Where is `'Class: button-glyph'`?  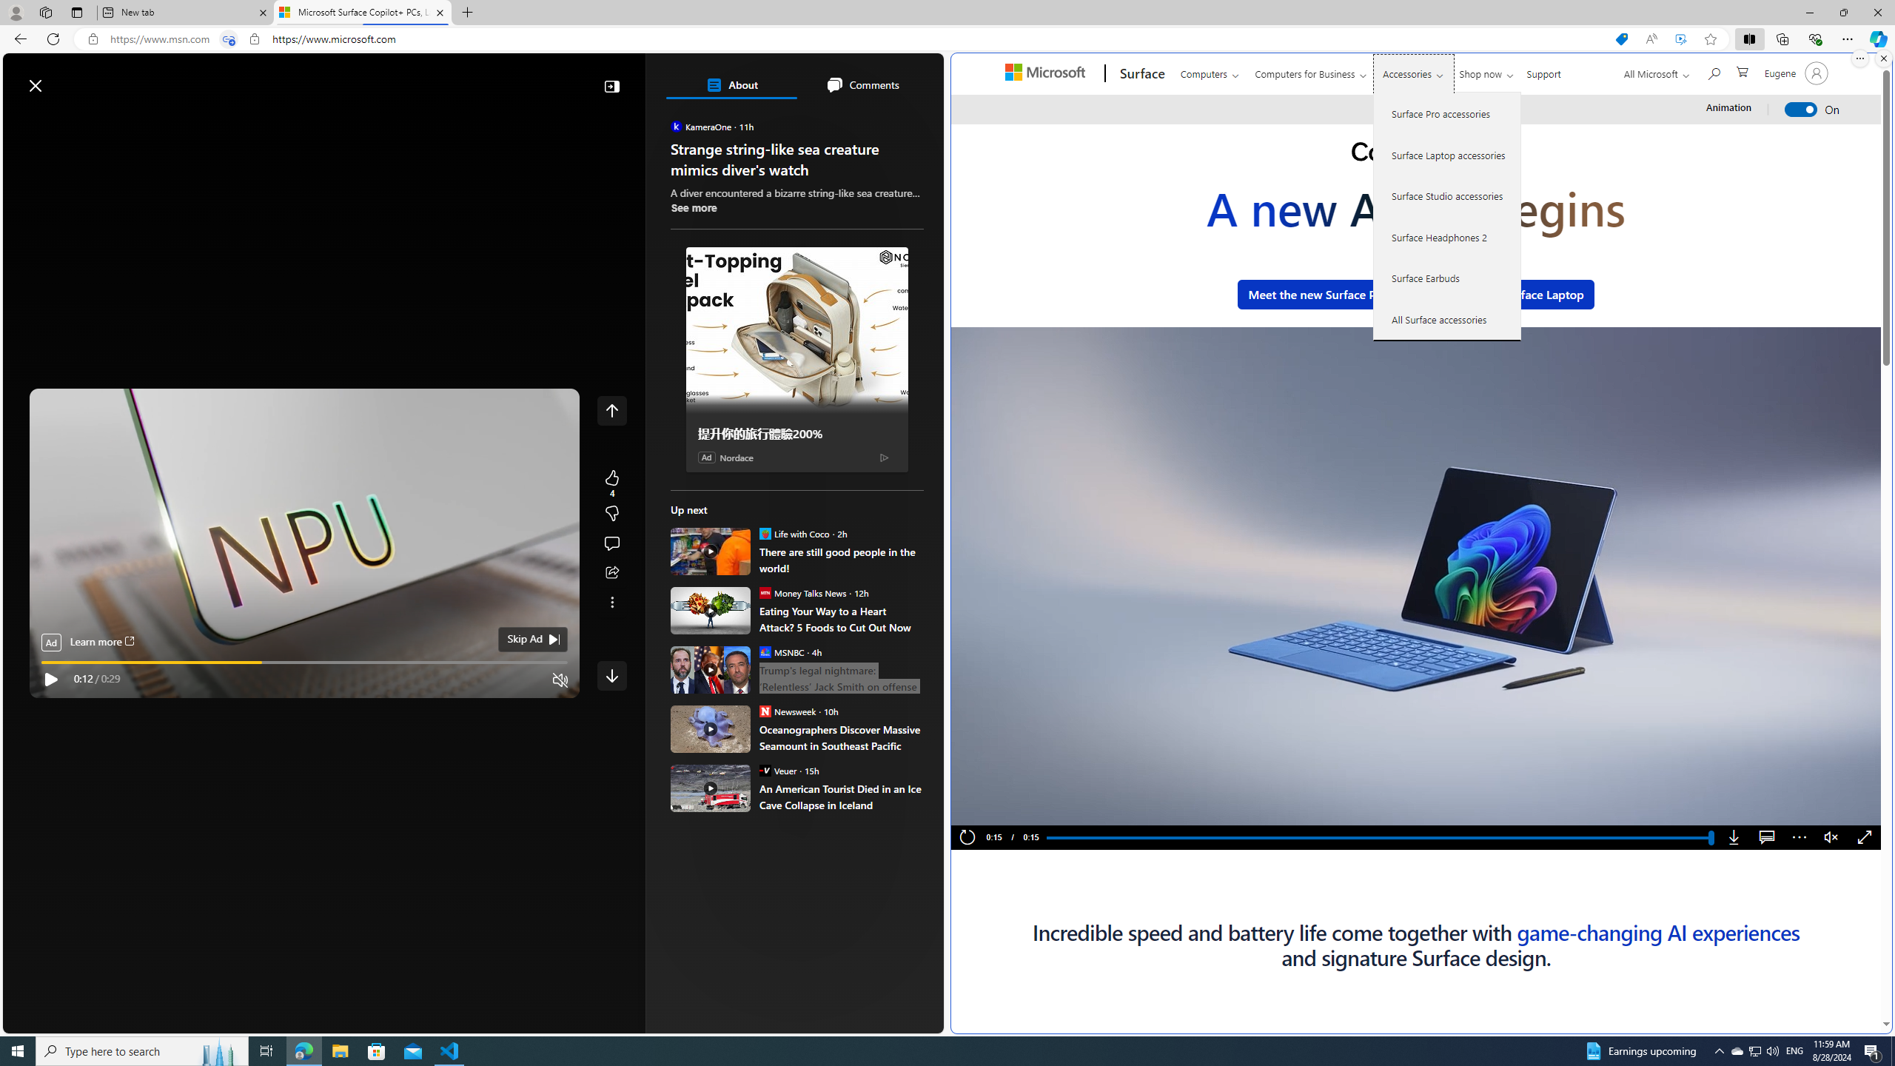
'Class: button-glyph' is located at coordinates (21, 120).